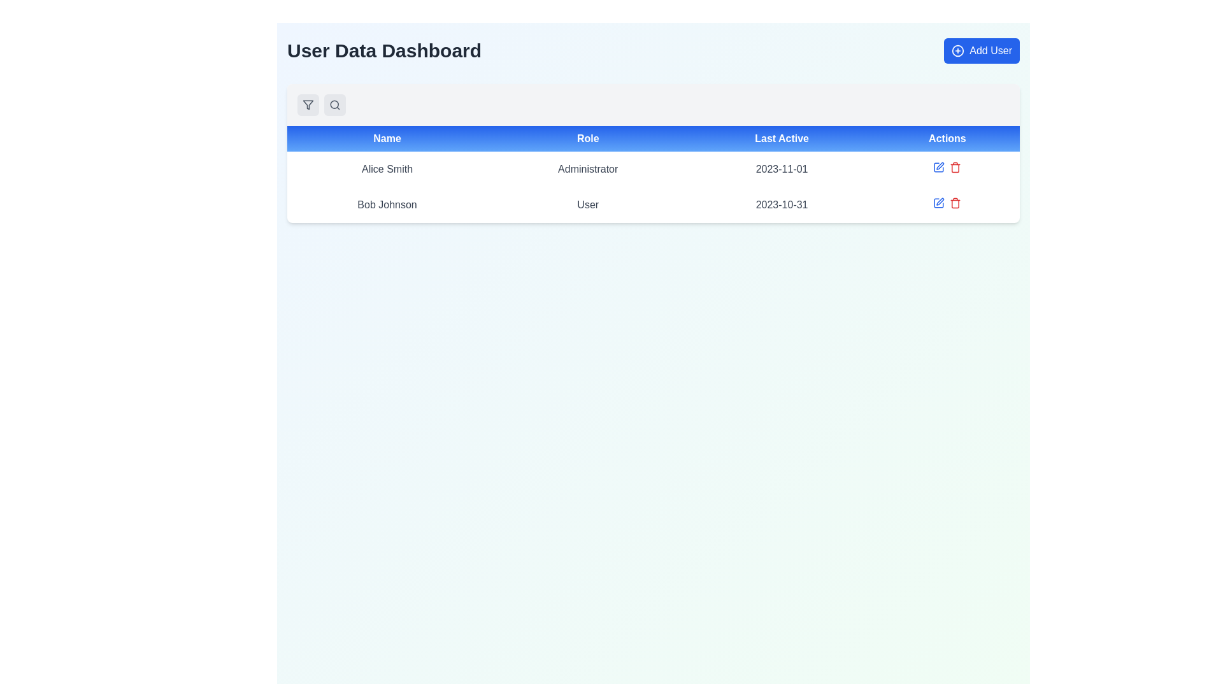 The height and width of the screenshot is (688, 1223). Describe the element at coordinates (940, 201) in the screenshot. I see `the Edit Icon located in the 'Actions' column of the second row in the table to initiate editing` at that location.